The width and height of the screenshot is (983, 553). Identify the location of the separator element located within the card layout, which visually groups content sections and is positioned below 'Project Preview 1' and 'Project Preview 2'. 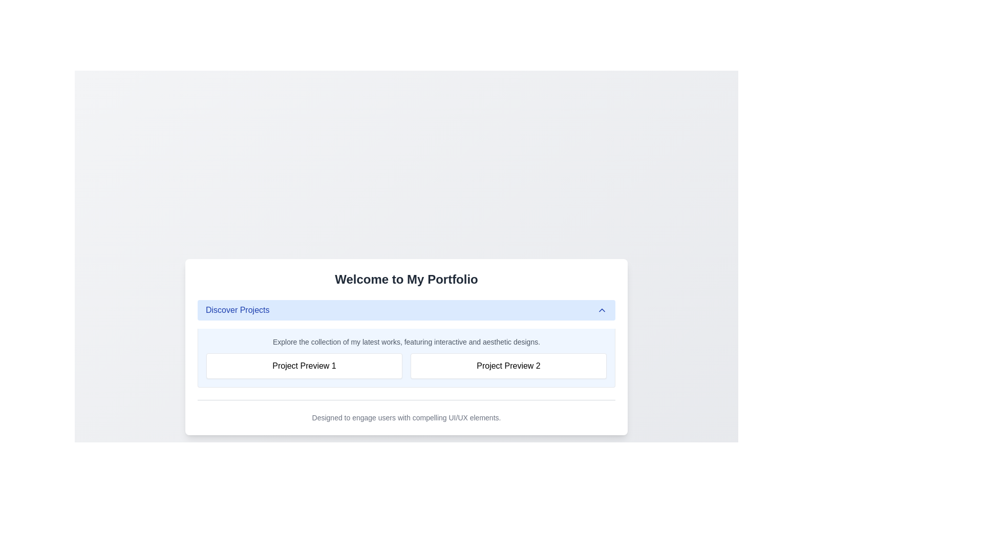
(405, 399).